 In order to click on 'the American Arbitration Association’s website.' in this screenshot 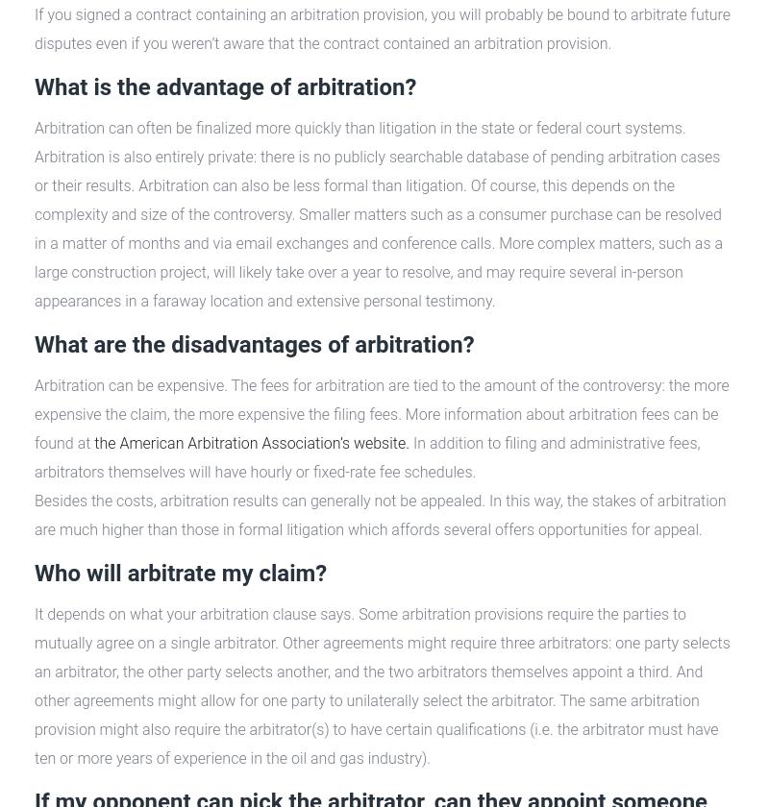, I will do `click(251, 443)`.